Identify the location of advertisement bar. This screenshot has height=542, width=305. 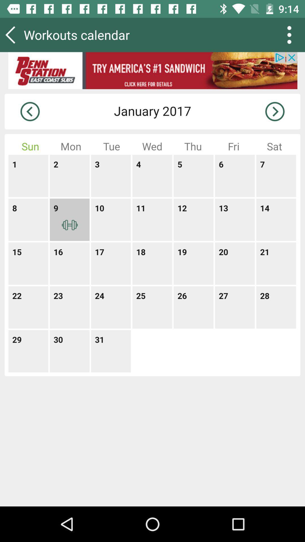
(152, 70).